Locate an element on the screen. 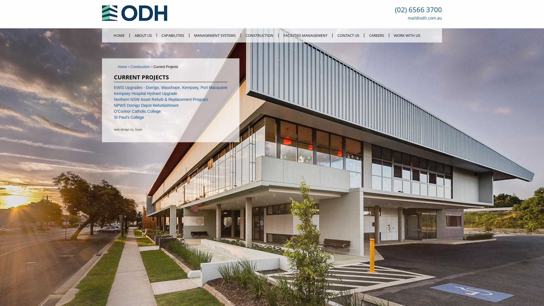  'Joyer' is located at coordinates (138, 129).